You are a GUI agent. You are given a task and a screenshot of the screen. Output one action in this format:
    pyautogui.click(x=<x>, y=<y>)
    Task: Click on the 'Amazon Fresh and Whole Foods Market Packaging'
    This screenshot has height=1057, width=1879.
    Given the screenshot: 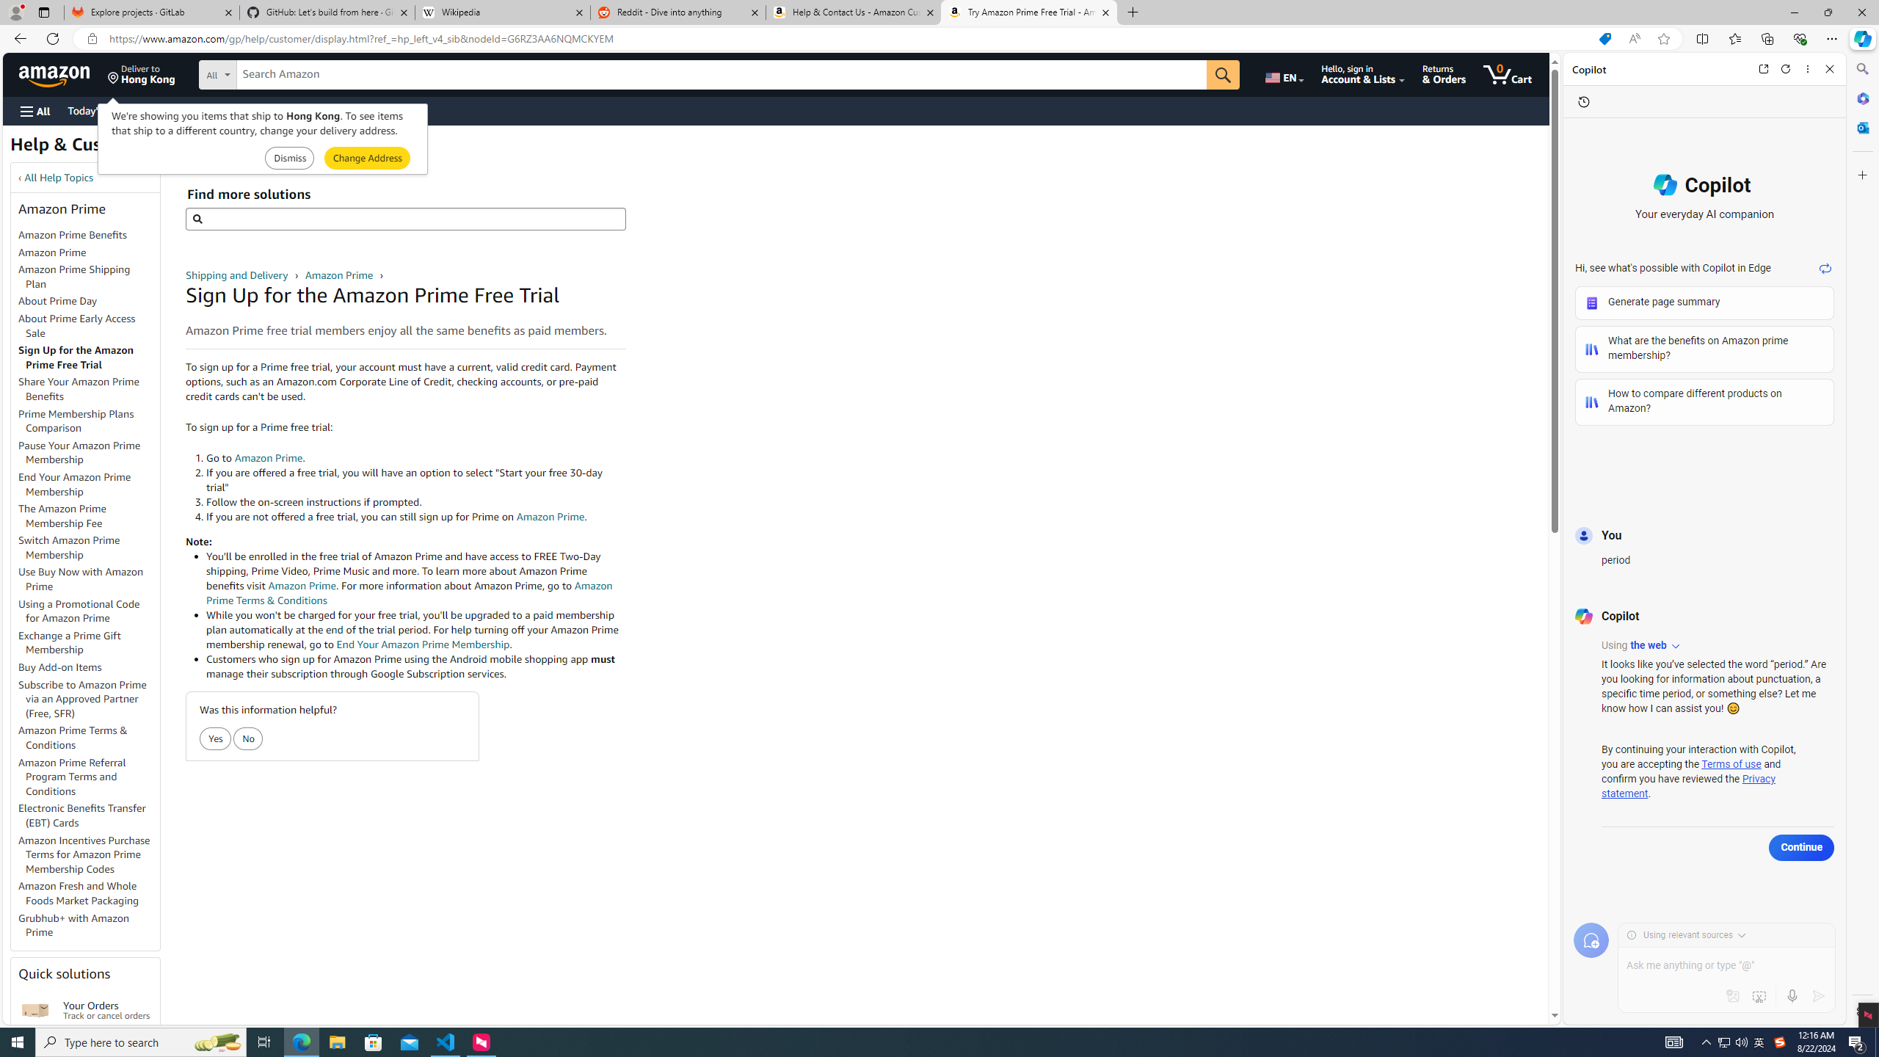 What is the action you would take?
    pyautogui.click(x=89, y=893)
    